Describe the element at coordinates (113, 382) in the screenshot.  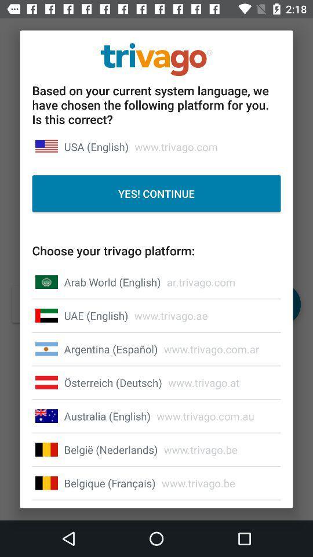
I see `item next to www.trivago.at icon` at that location.